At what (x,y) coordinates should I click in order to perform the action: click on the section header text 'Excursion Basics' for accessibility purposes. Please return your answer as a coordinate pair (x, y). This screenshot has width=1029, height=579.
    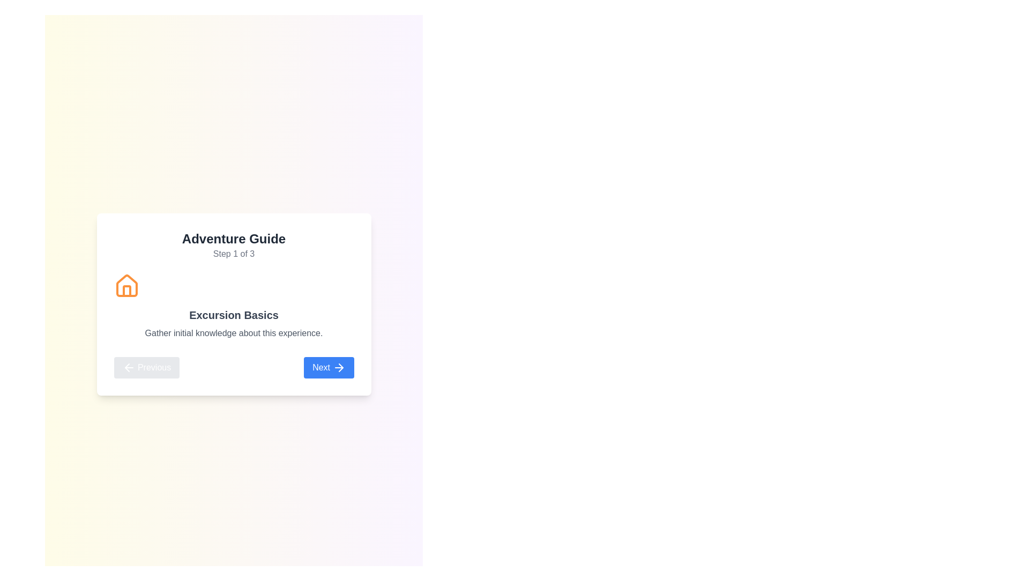
    Looking at the image, I should click on (233, 314).